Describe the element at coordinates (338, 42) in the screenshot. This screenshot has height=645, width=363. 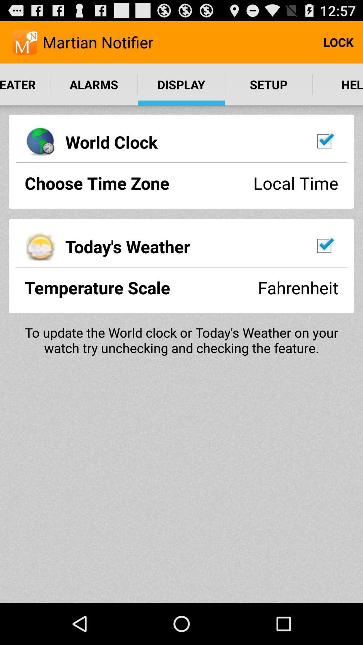
I see `the lock` at that location.